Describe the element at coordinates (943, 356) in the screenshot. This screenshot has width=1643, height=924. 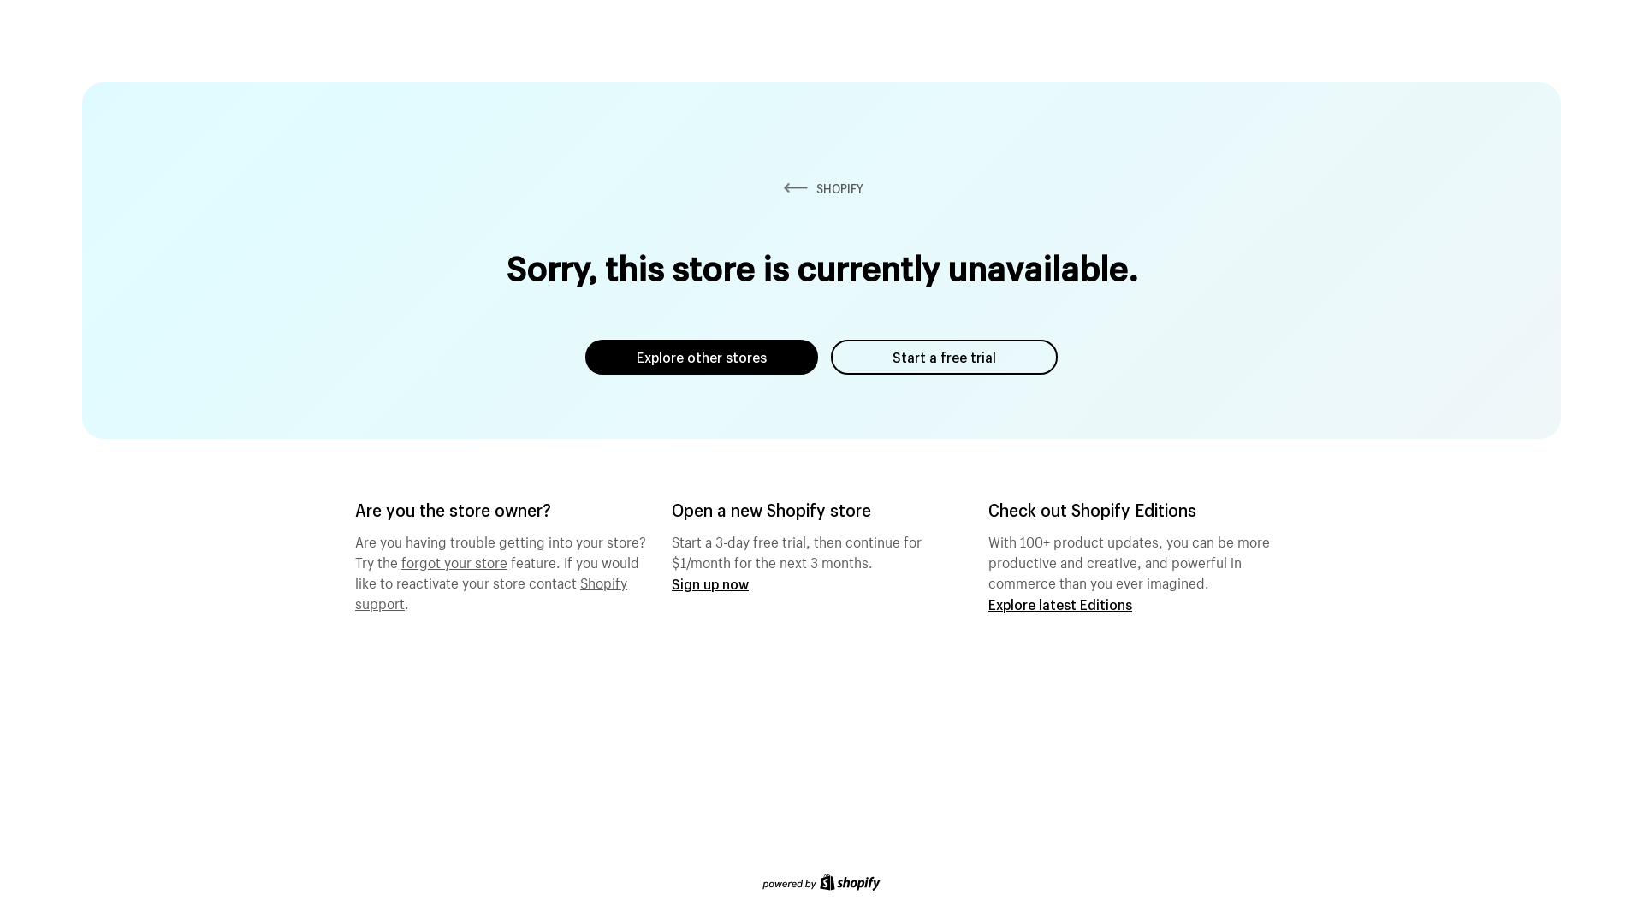
I see `'Start a free trial'` at that location.